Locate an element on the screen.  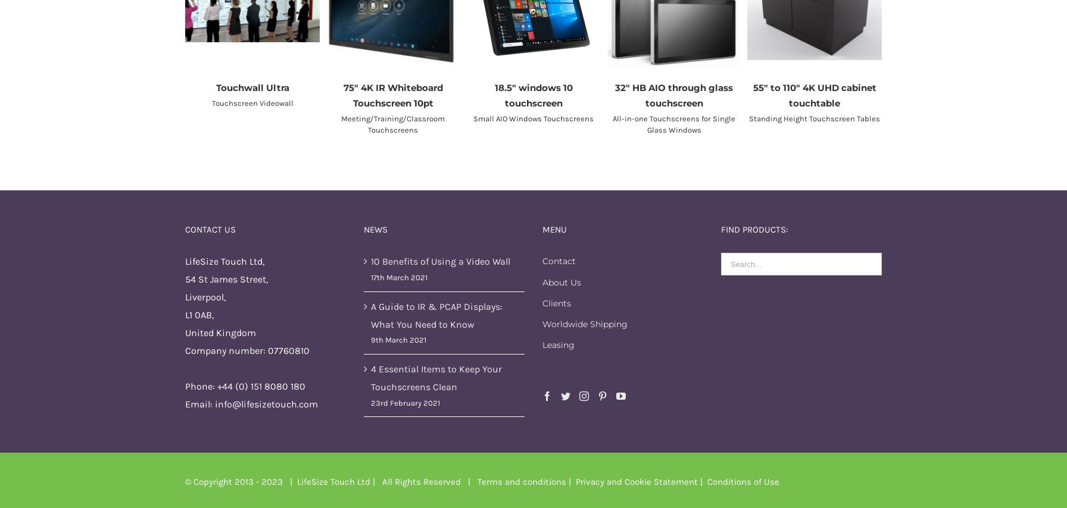
'10 Benefits of Using a Video Wall' is located at coordinates (440, 261).